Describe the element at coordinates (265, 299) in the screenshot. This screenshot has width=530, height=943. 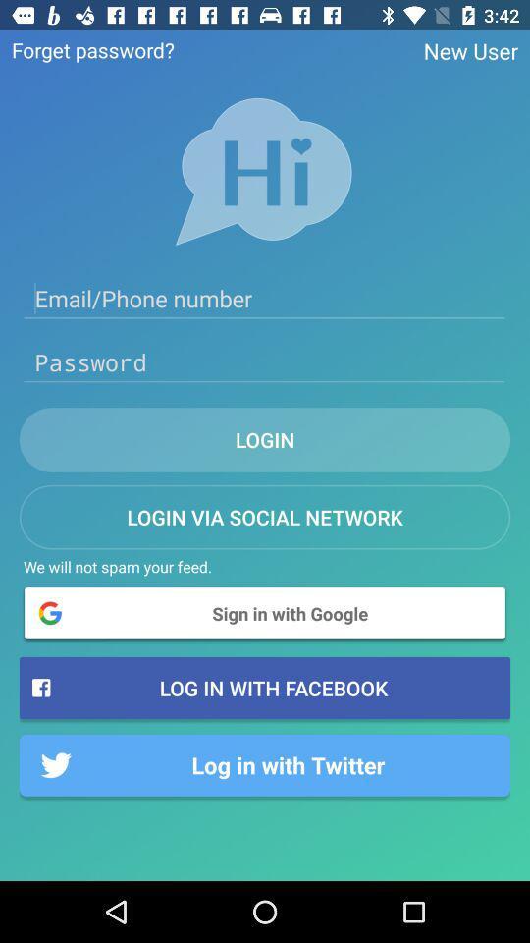
I see `email login` at that location.